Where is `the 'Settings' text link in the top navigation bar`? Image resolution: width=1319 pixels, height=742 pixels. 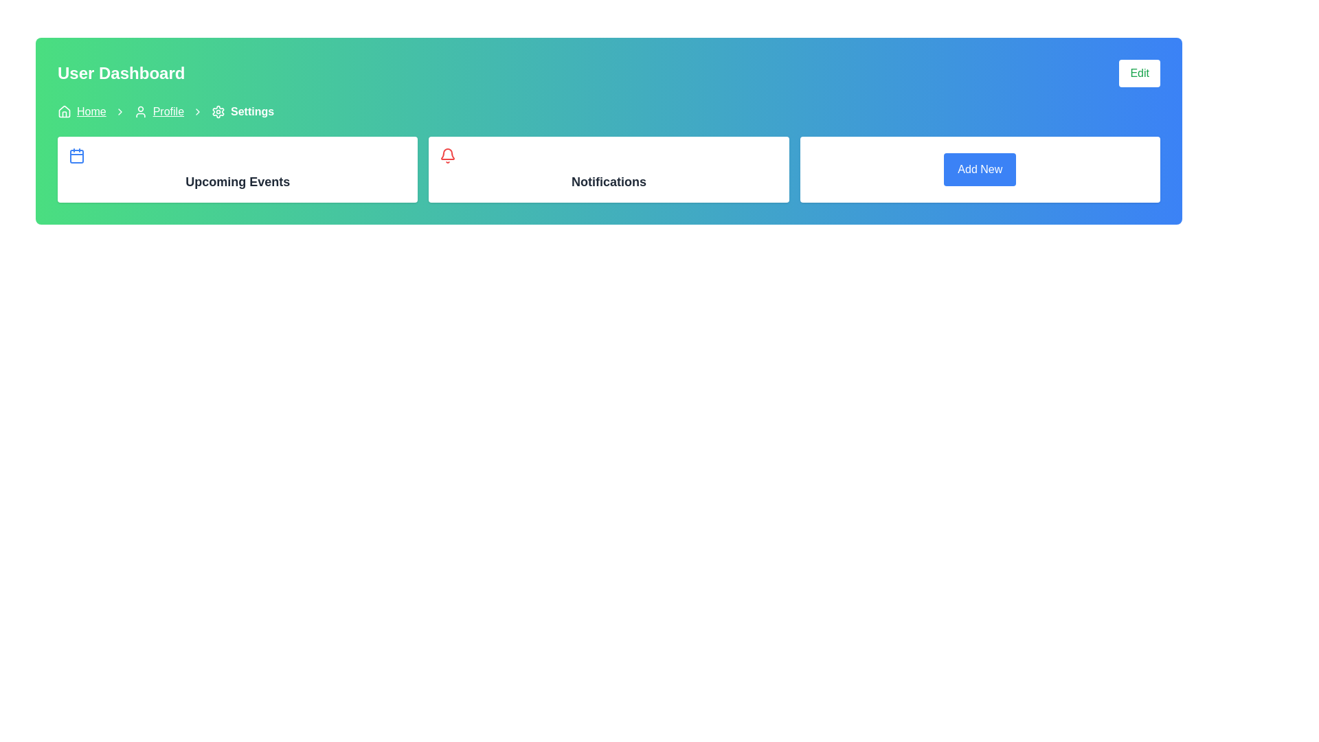
the 'Settings' text link in the top navigation bar is located at coordinates (252, 111).